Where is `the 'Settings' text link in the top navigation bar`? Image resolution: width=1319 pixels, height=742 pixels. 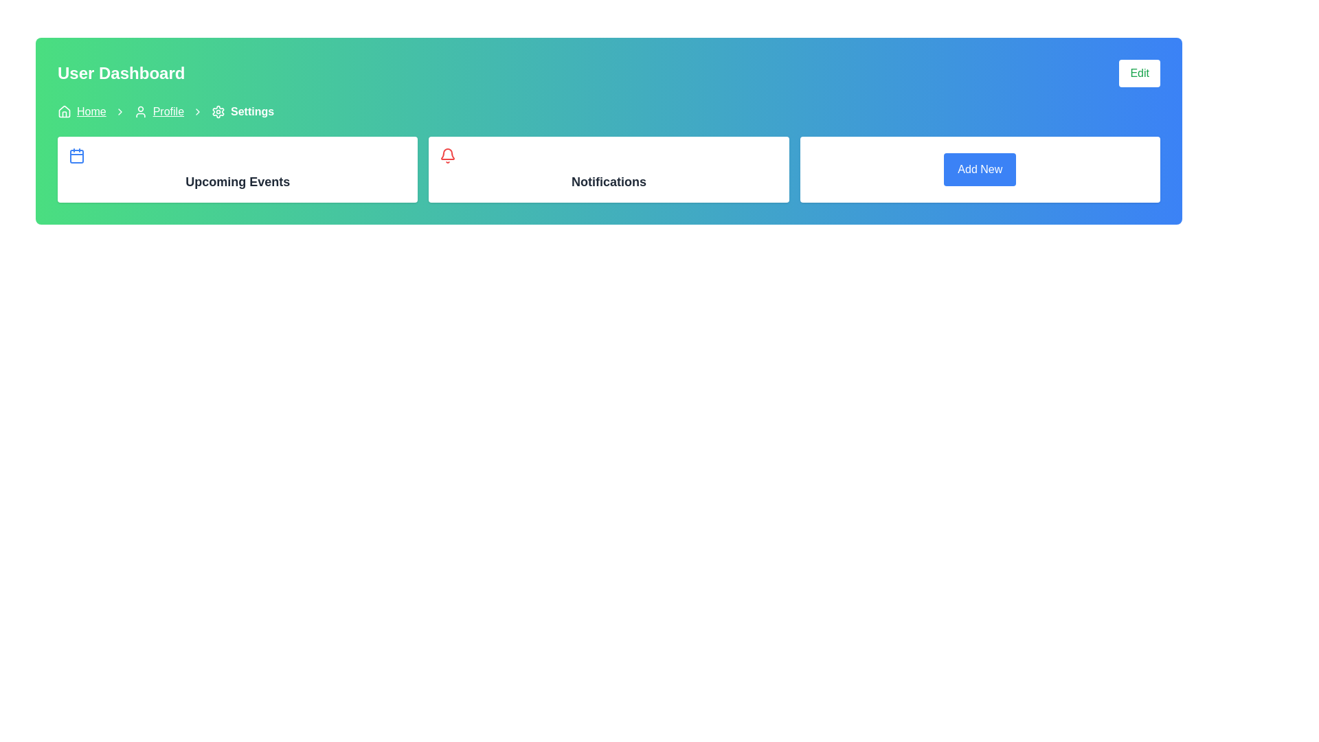
the 'Settings' text link in the top navigation bar is located at coordinates (252, 111).